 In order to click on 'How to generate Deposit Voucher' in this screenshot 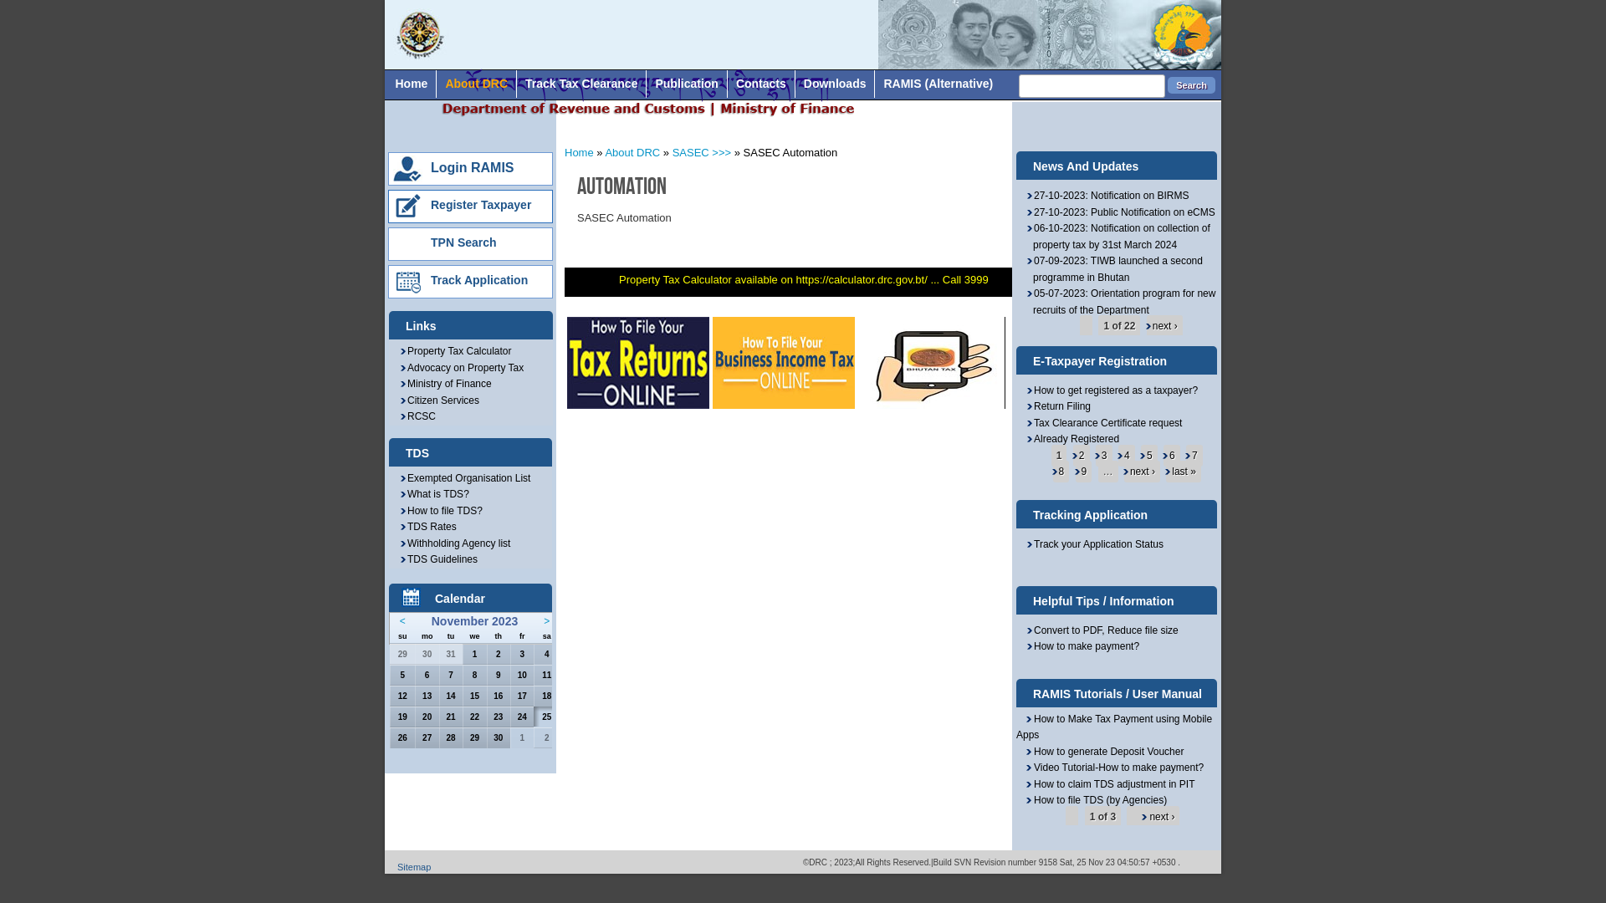, I will do `click(1100, 750)`.